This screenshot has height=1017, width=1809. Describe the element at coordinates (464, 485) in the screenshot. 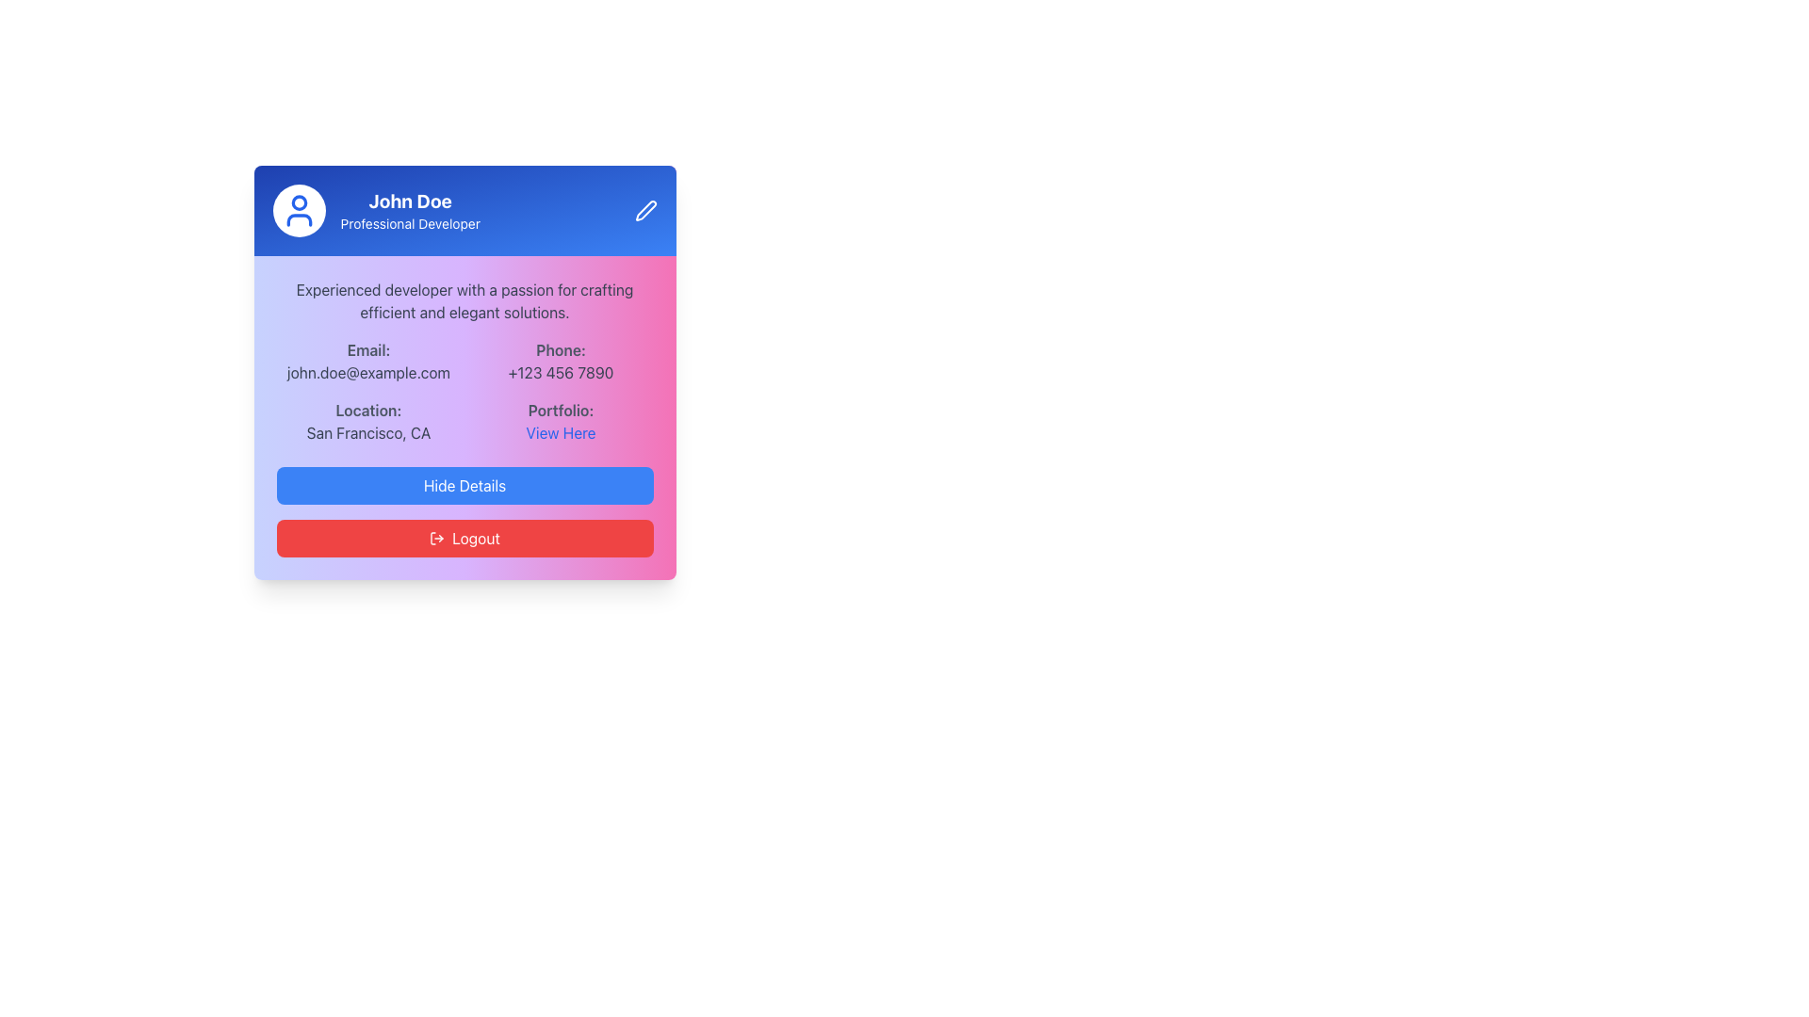

I see `the button with white text reading 'Hide Details' that has a bright blue background and is located within a card interface with a gradient purple-to-pink background` at that location.